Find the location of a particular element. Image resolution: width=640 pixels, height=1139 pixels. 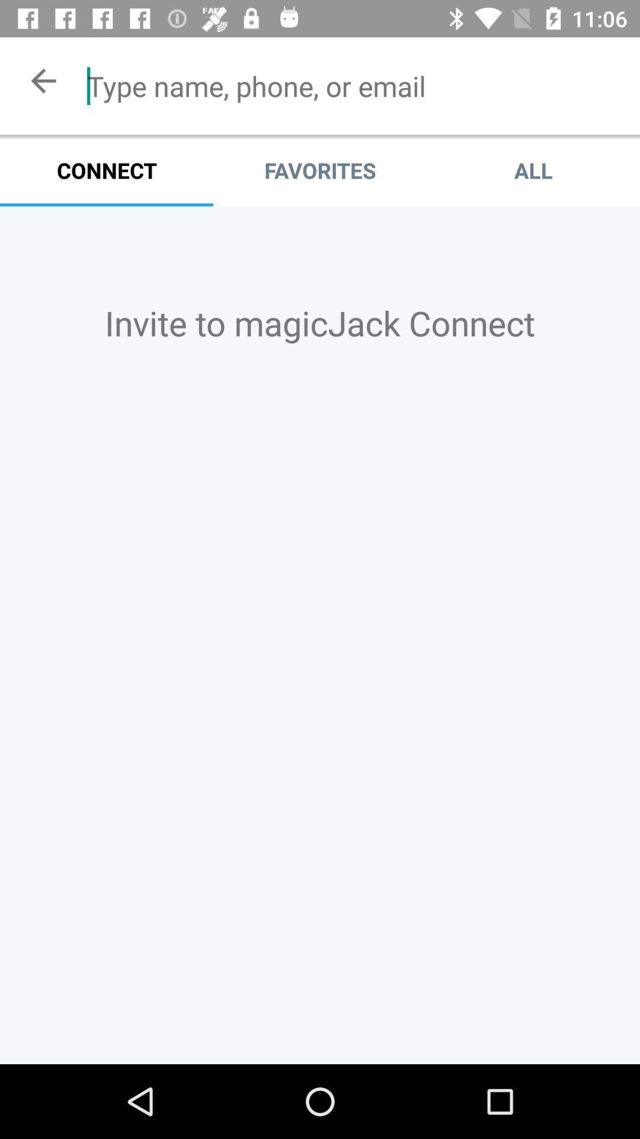

the icon next to the favorites is located at coordinates (532, 170).